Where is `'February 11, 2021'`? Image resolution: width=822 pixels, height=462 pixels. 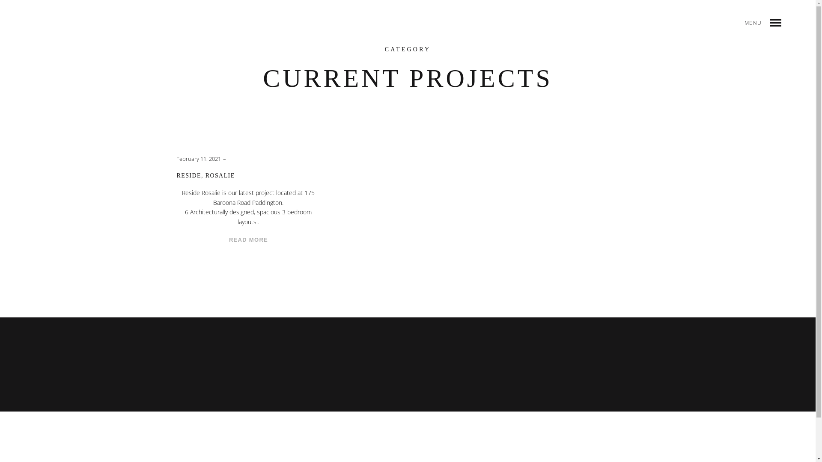 'February 11, 2021' is located at coordinates (176, 159).